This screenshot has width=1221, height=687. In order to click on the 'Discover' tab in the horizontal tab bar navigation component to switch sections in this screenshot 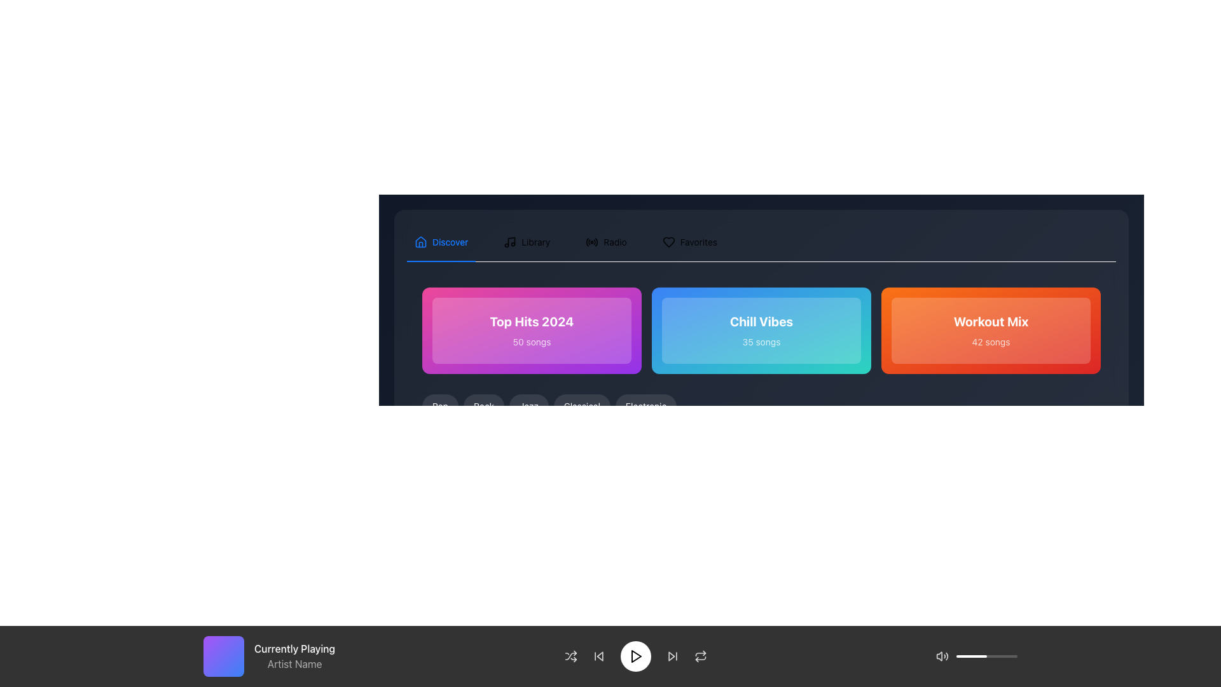, I will do `click(761, 242)`.